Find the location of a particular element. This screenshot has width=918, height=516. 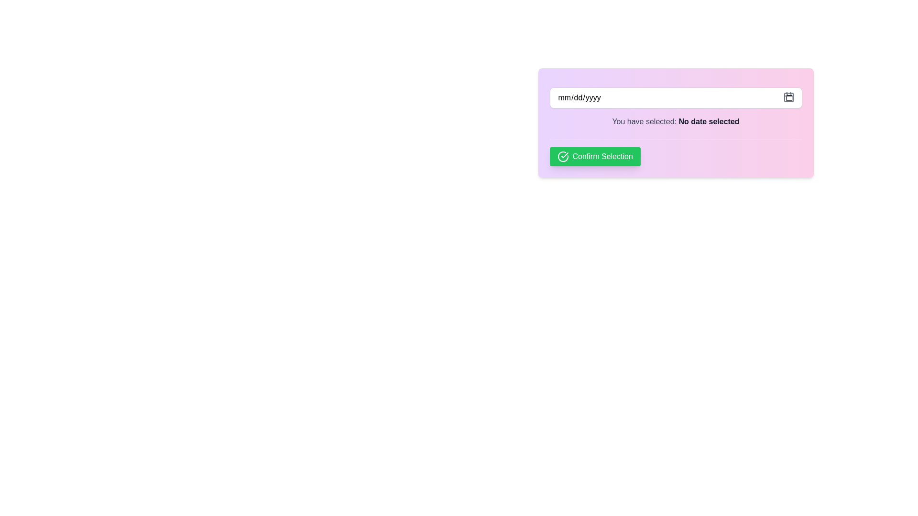

the green 'Confirm Selection' button with a white checkmark icon to confirm the selection is located at coordinates (594, 156).